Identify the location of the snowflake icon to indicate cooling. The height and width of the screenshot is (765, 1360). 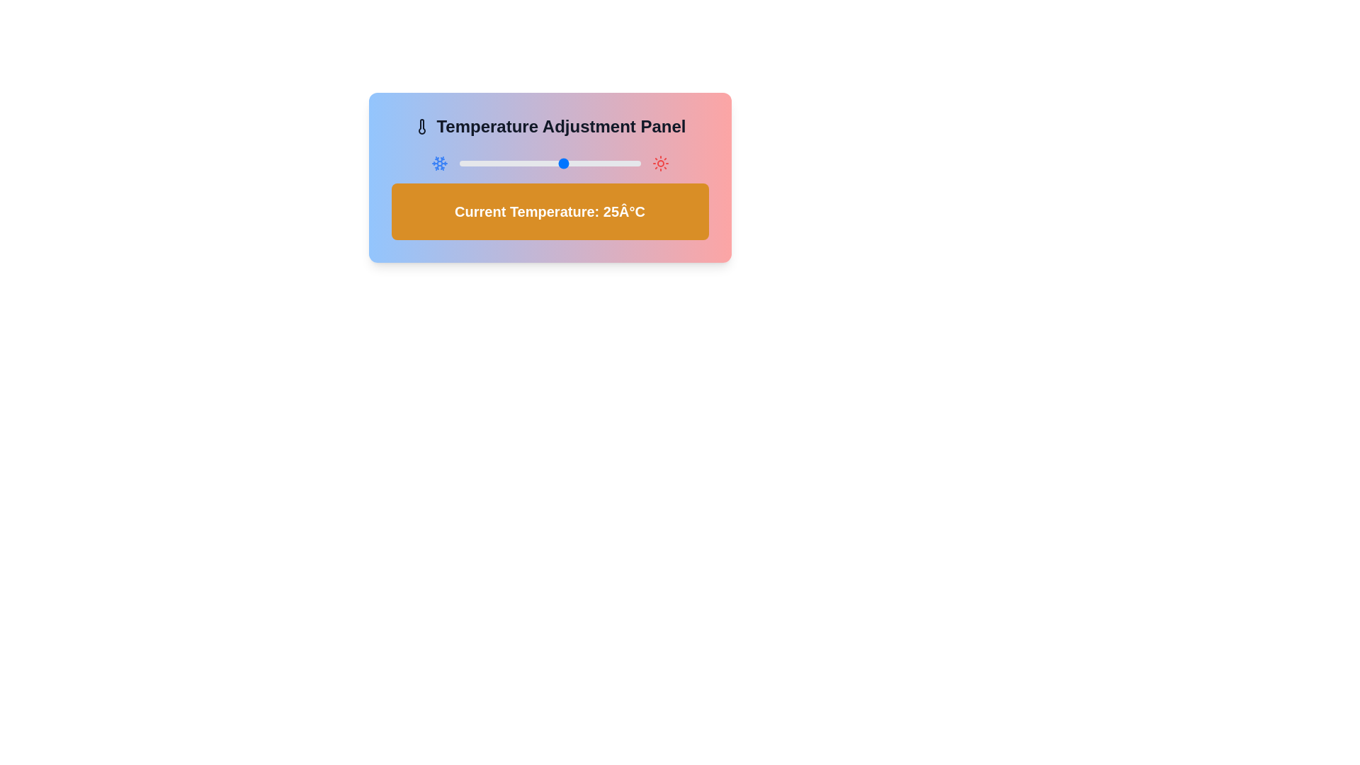
(438, 163).